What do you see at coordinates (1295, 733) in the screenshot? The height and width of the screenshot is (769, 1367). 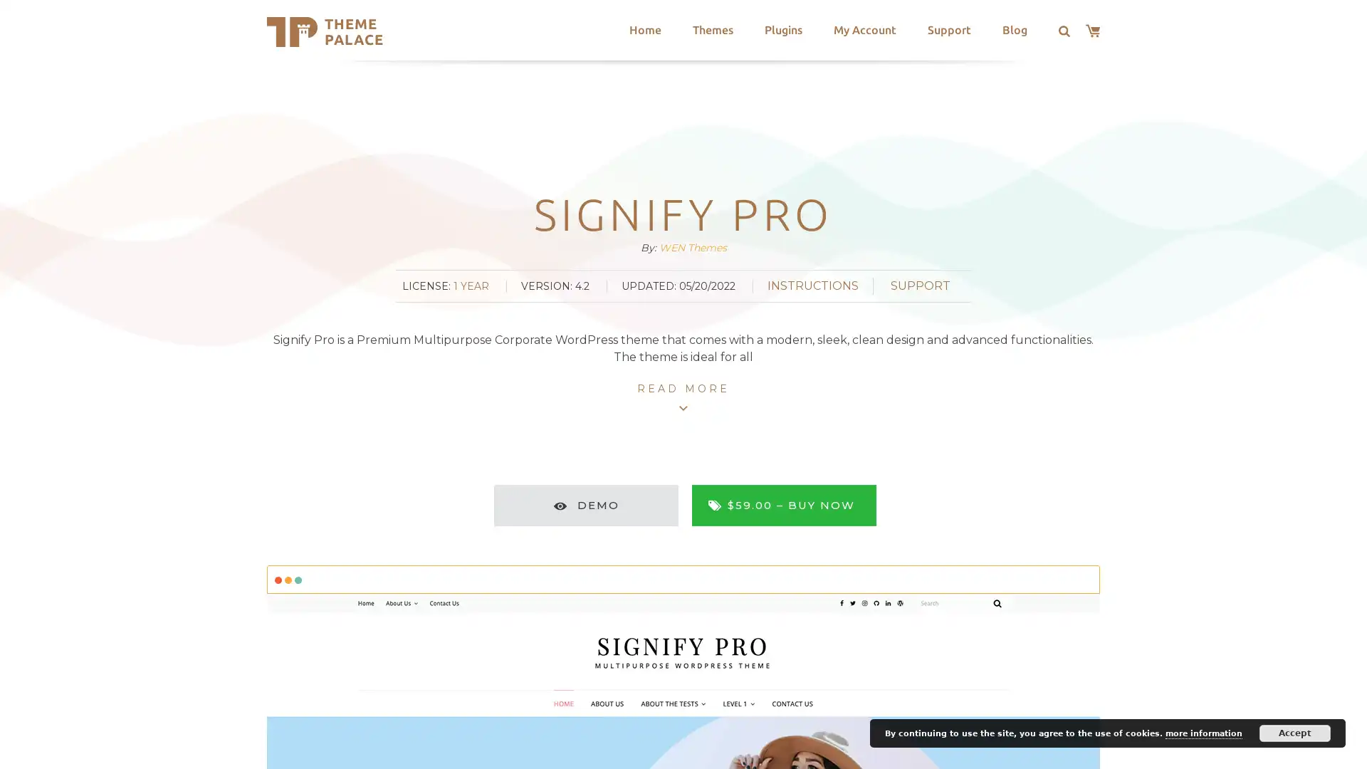 I see `Accept` at bounding box center [1295, 733].